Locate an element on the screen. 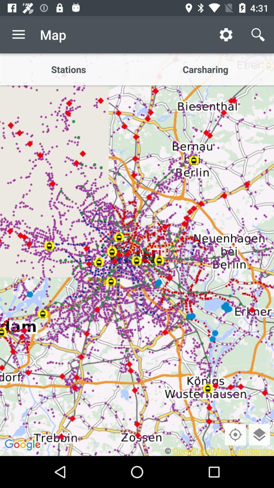 This screenshot has width=274, height=488. the icon next to the map is located at coordinates (226, 34).